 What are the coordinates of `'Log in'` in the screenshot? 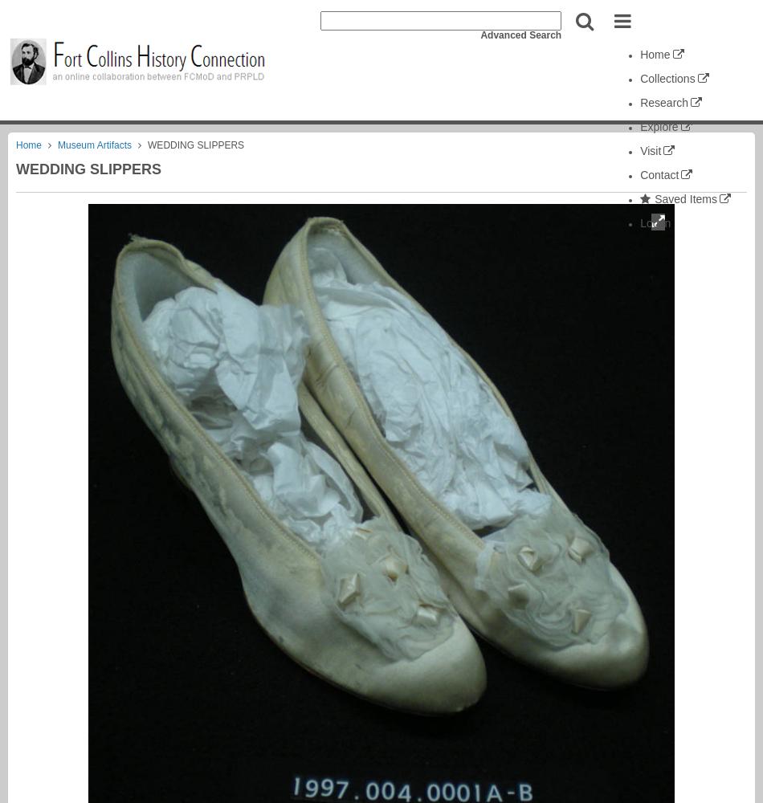 It's located at (654, 223).